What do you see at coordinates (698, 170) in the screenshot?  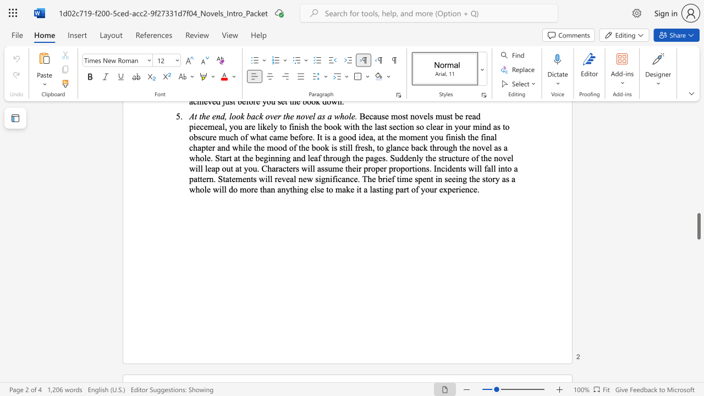 I see `the scrollbar to slide the page up` at bounding box center [698, 170].